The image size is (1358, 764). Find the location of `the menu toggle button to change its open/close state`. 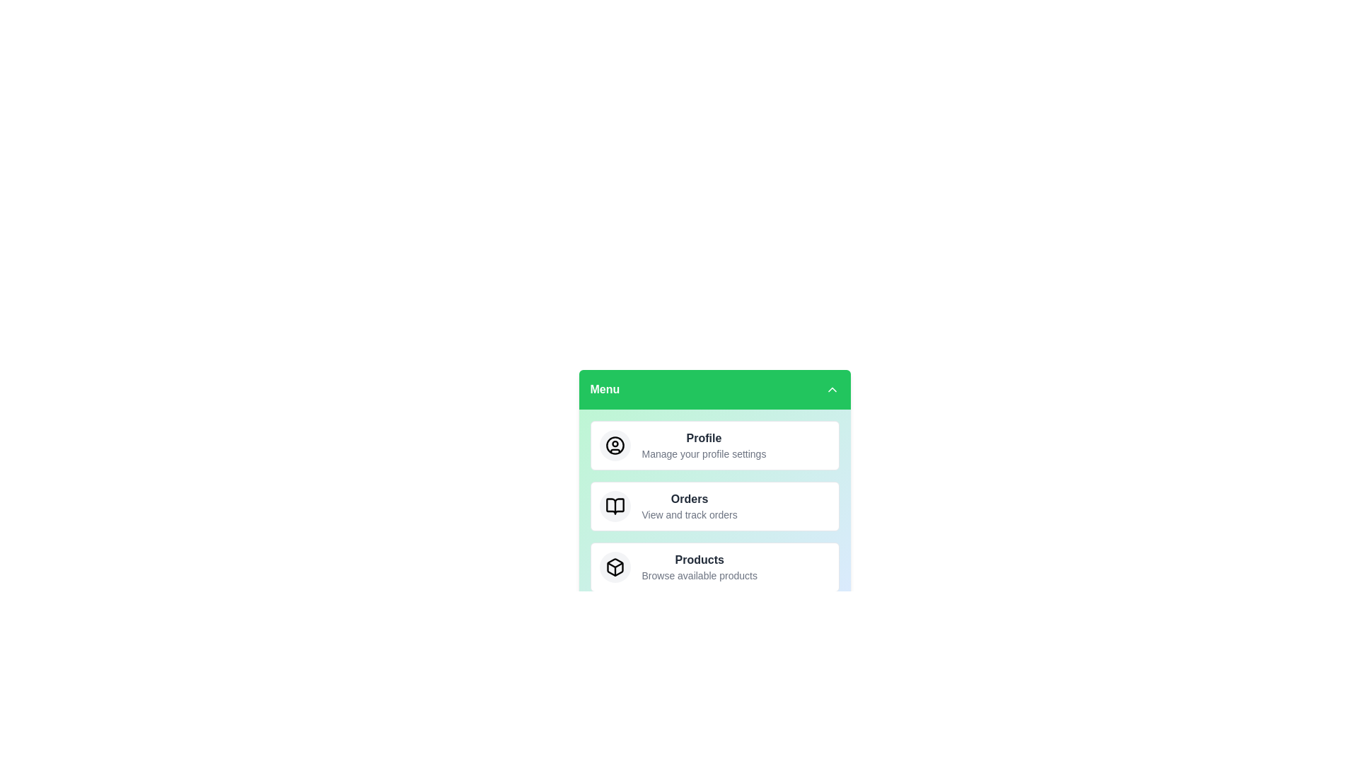

the menu toggle button to change its open/close state is located at coordinates (714, 390).